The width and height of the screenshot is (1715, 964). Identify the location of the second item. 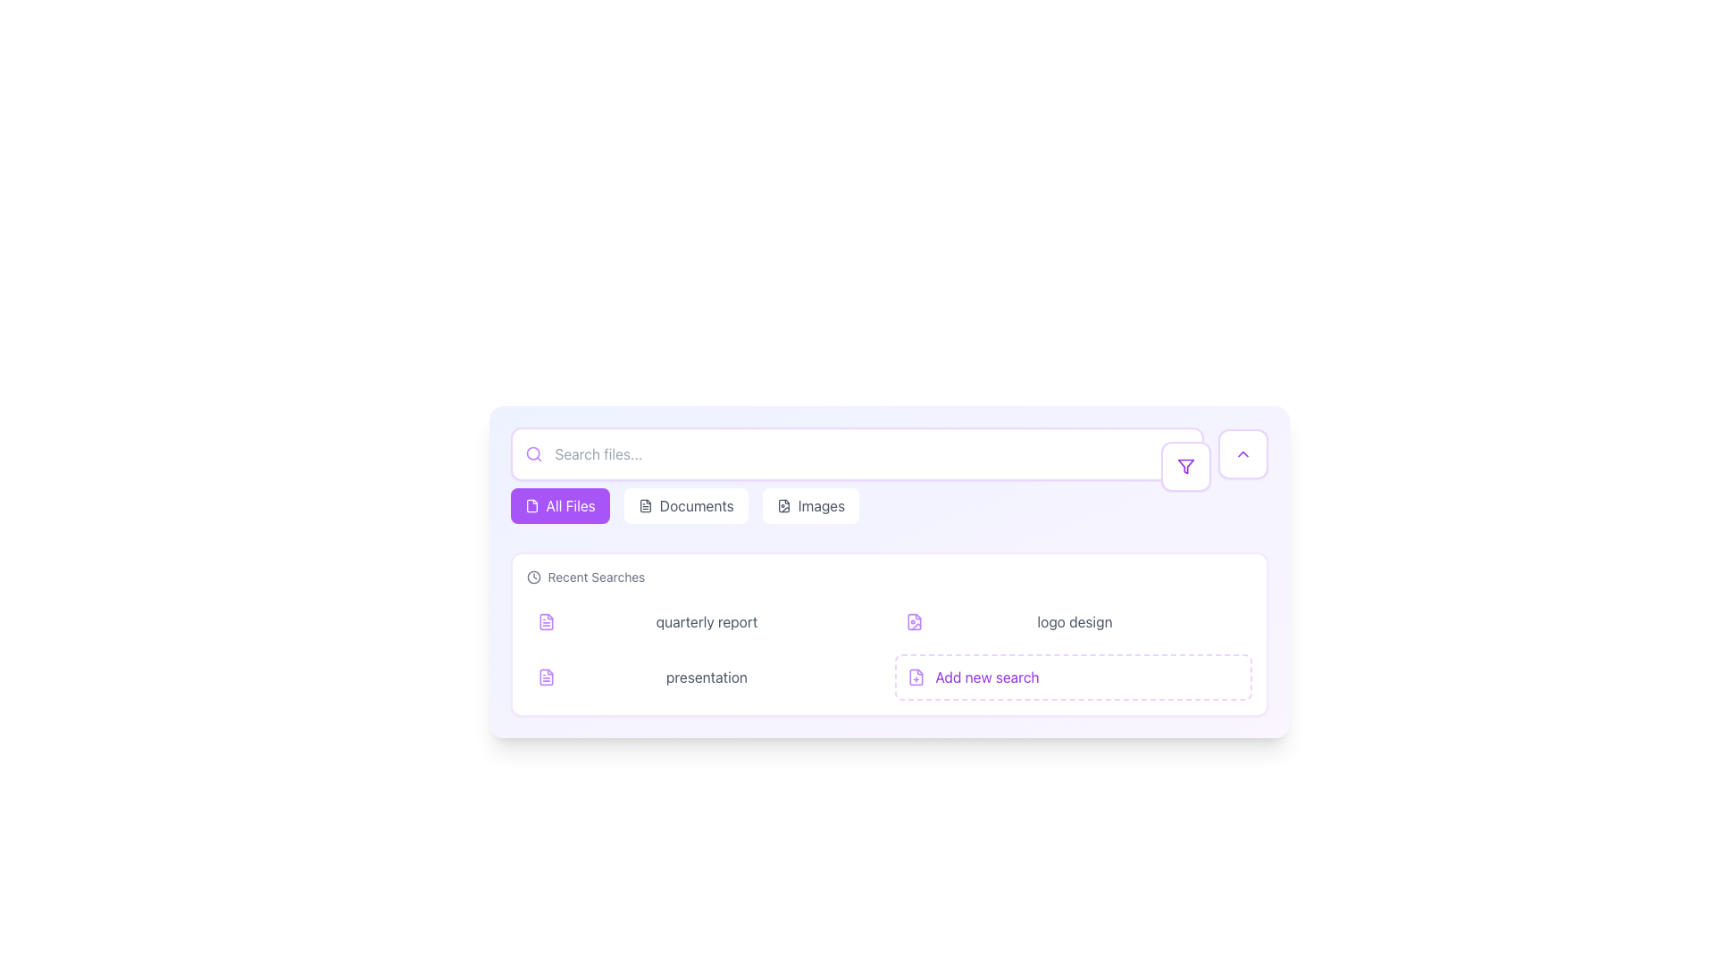
(1072, 621).